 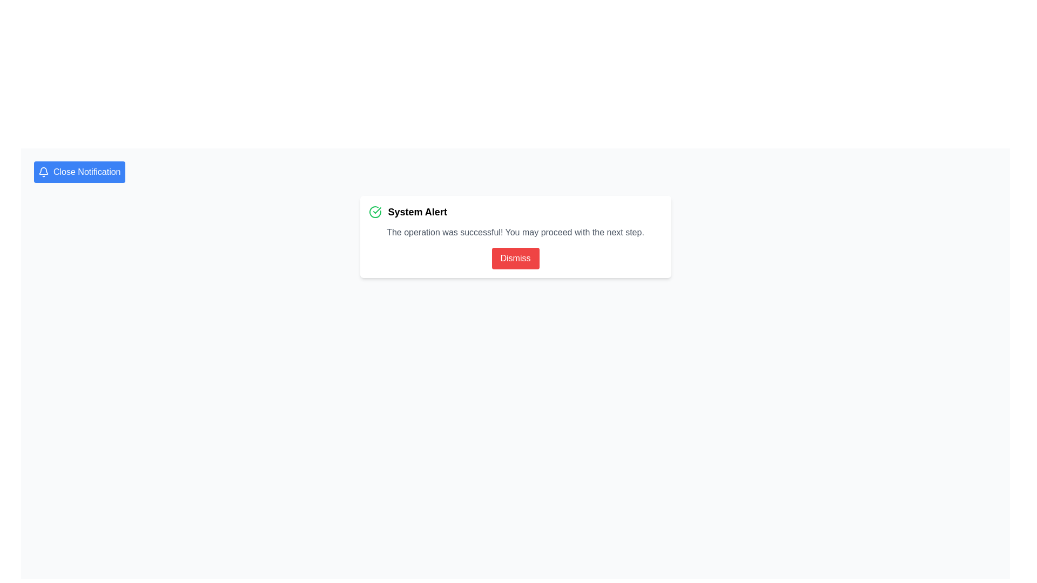 What do you see at coordinates (515, 232) in the screenshot?
I see `the Static Text element that communicates a successful operation, located beneath the 'System Alert' header and above the 'Dismiss' red button` at bounding box center [515, 232].